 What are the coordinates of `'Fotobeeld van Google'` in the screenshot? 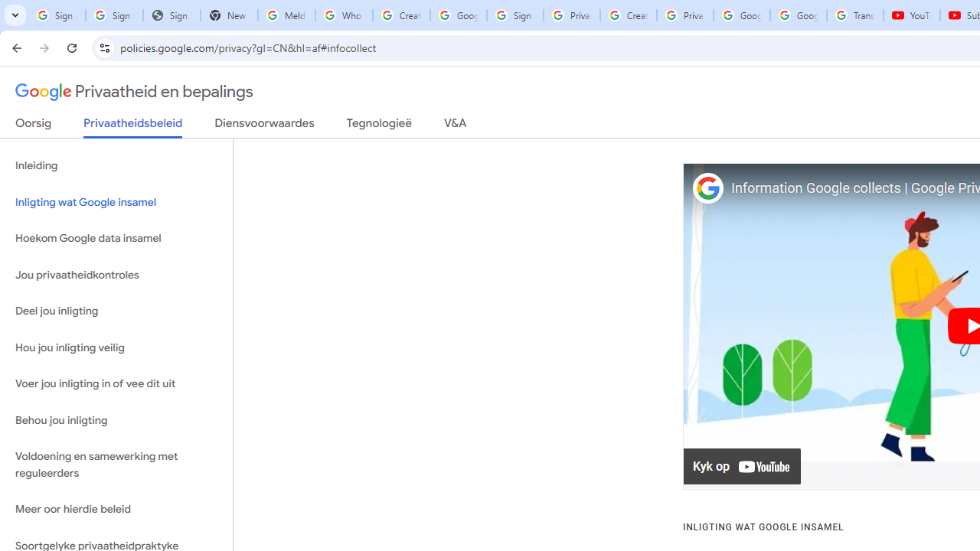 It's located at (707, 187).